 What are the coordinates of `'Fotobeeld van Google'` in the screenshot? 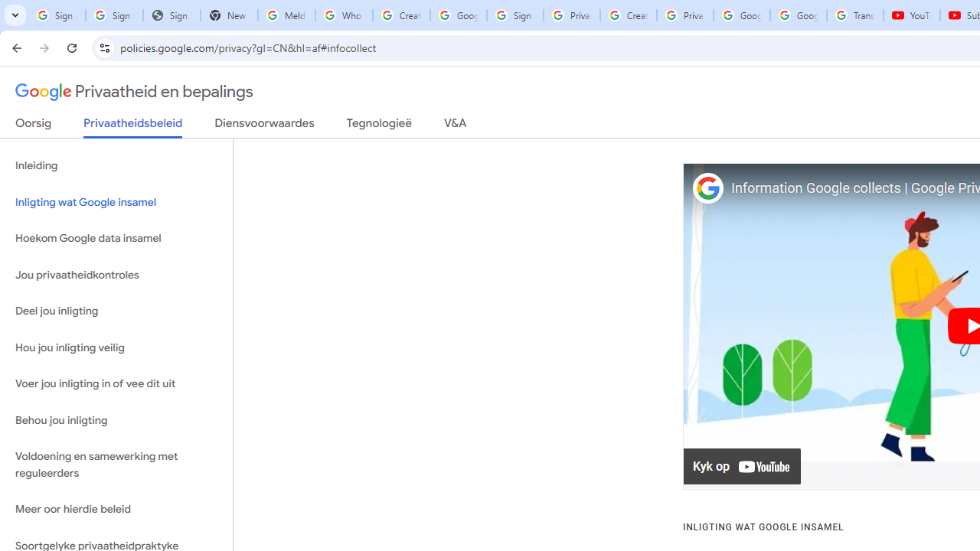 It's located at (707, 187).